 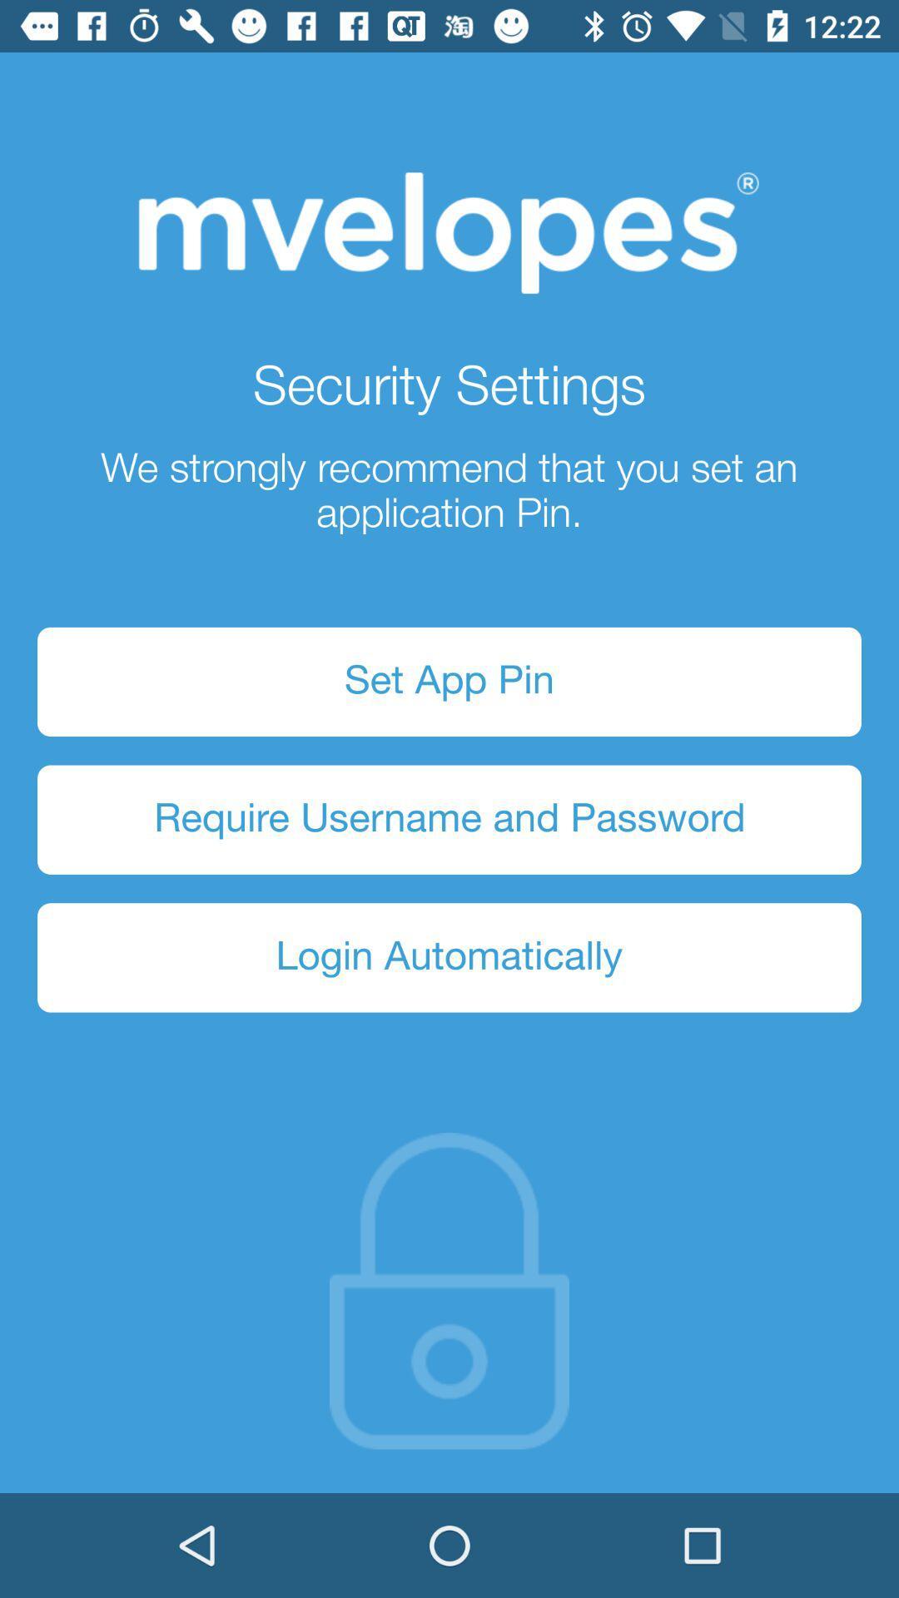 I want to click on the require username and, so click(x=449, y=820).